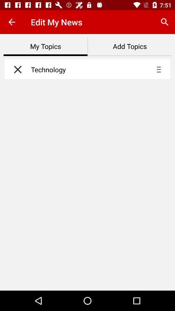 The image size is (175, 311). Describe the element at coordinates (12, 22) in the screenshot. I see `icon above my topics` at that location.